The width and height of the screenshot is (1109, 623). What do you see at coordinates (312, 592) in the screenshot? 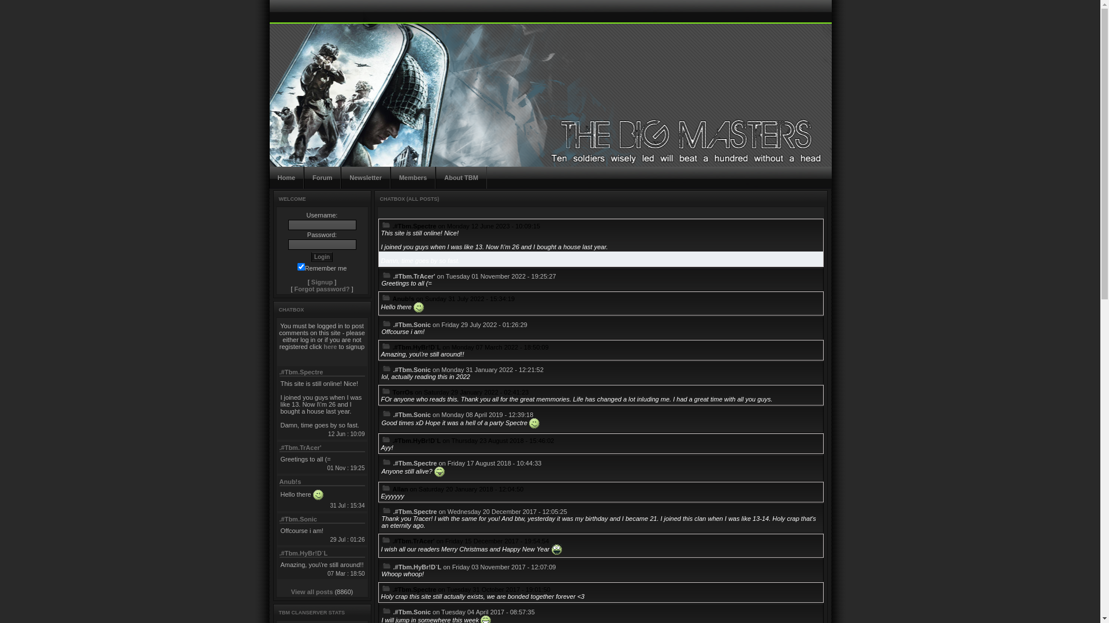
I see `'View all posts'` at bounding box center [312, 592].